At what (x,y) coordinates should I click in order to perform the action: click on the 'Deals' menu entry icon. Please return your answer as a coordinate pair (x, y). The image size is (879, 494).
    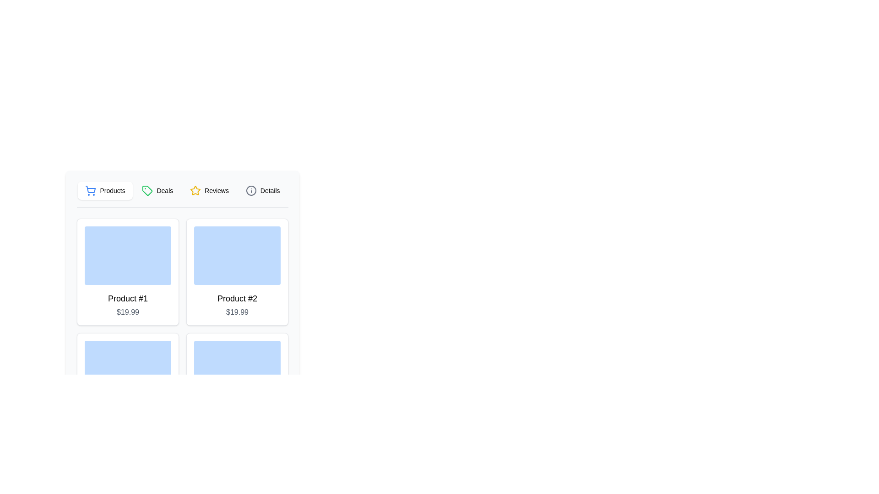
    Looking at the image, I should click on (147, 190).